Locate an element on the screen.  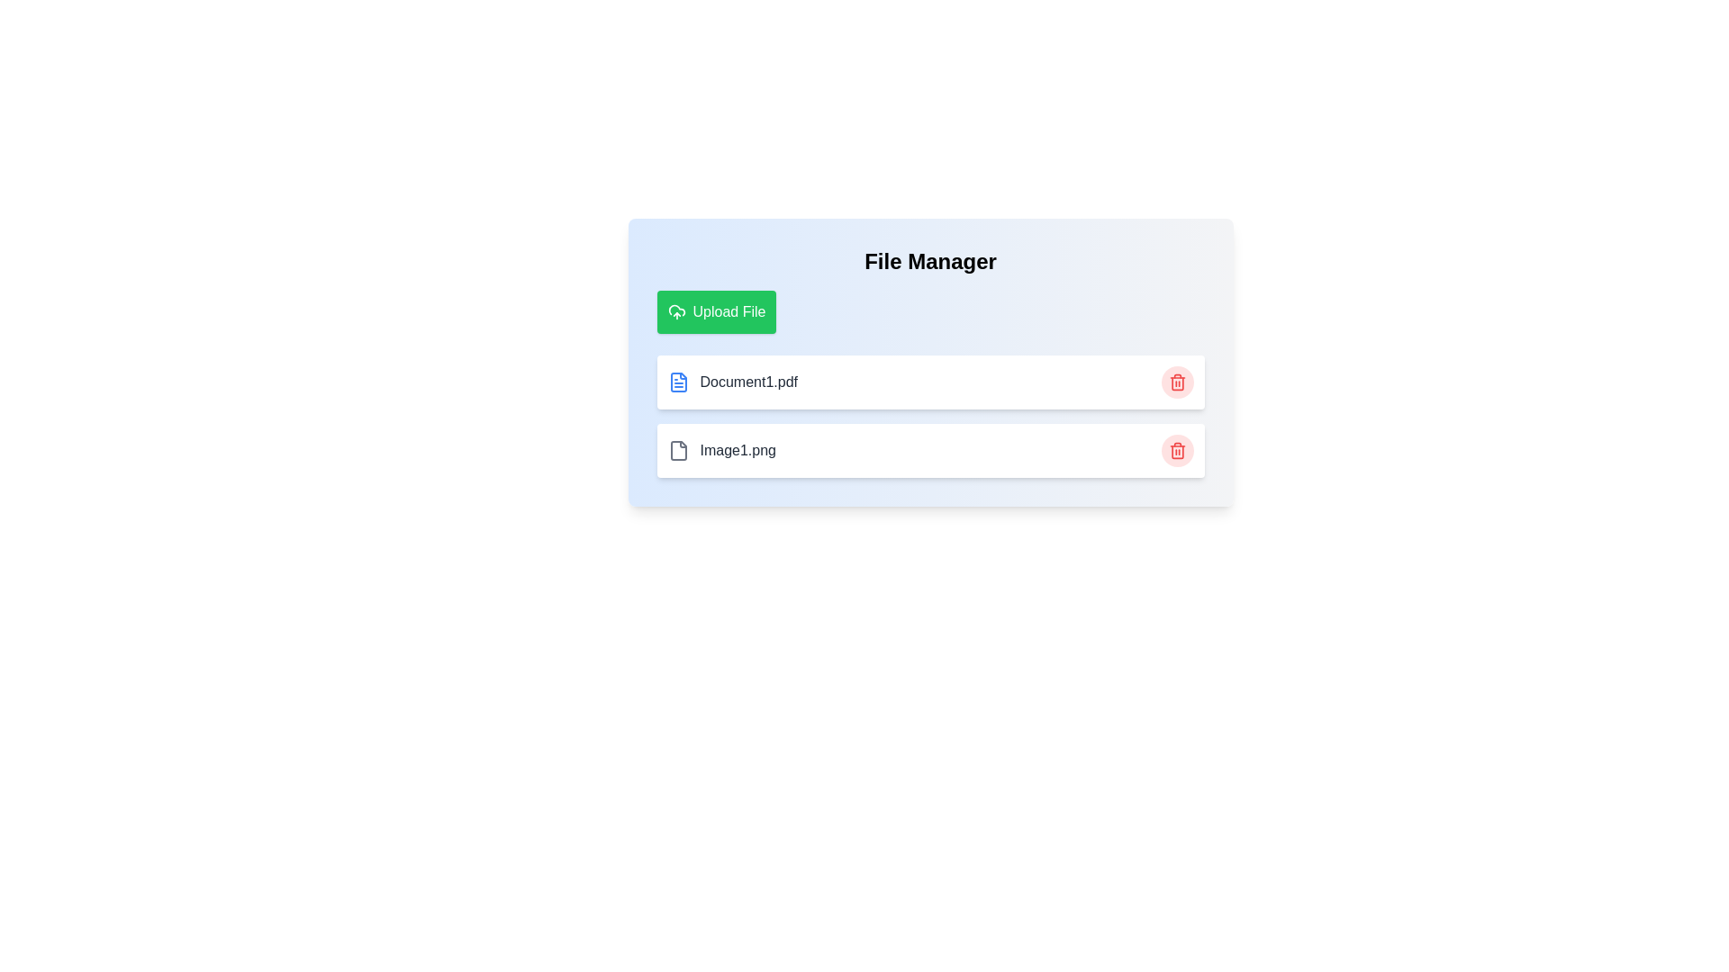
the minimalist file icon representing 'Image1.png' is located at coordinates (677, 450).